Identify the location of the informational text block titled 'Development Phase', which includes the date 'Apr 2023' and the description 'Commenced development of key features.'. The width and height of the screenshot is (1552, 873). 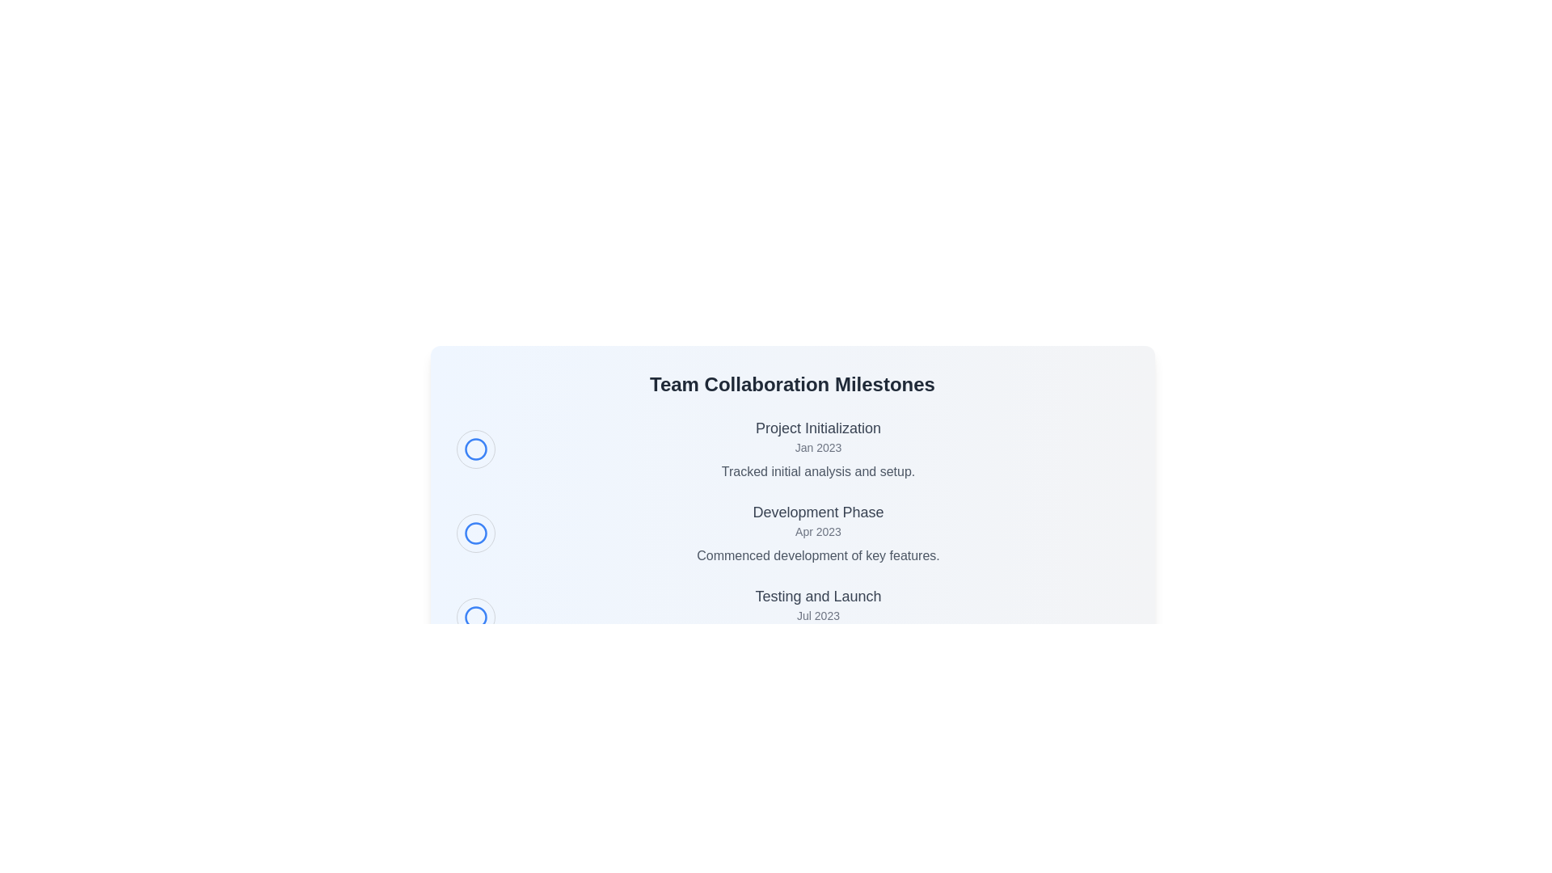
(818, 533).